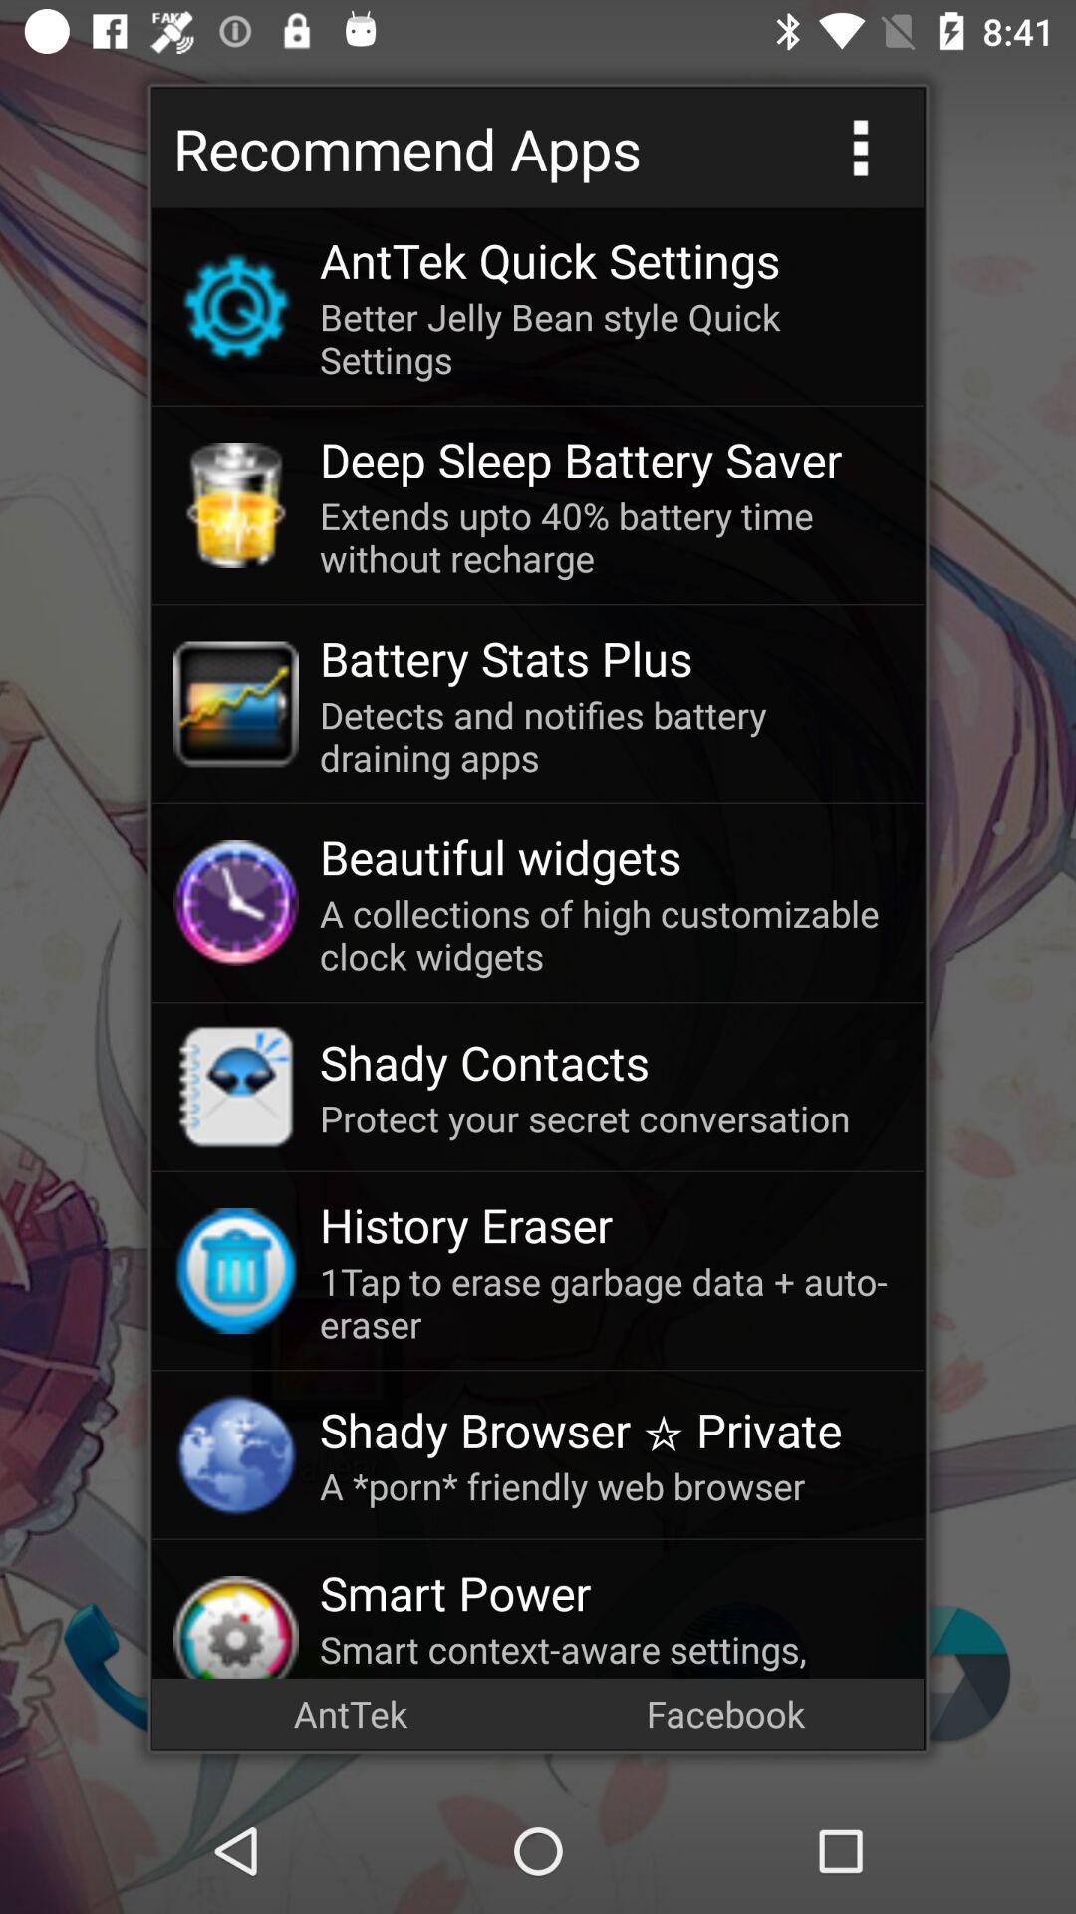  What do you see at coordinates (610, 735) in the screenshot?
I see `the detects and notifies app` at bounding box center [610, 735].